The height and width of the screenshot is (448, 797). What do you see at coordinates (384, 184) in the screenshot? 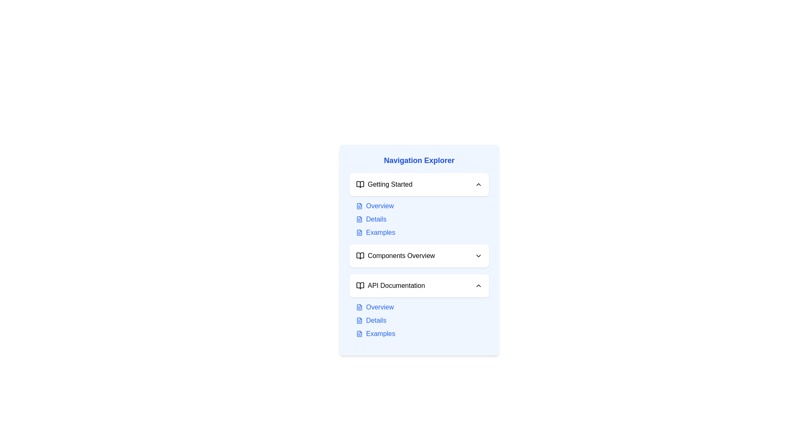
I see `the Navigation link with an icon resembling an open book and the text 'Getting Started' to potentially highlight it or reveal additional information` at bounding box center [384, 184].